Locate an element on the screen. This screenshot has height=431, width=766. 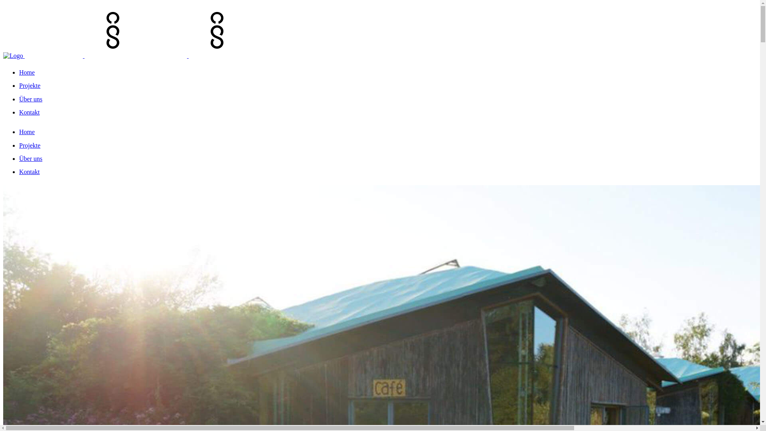
'Projekte' is located at coordinates (30, 85).